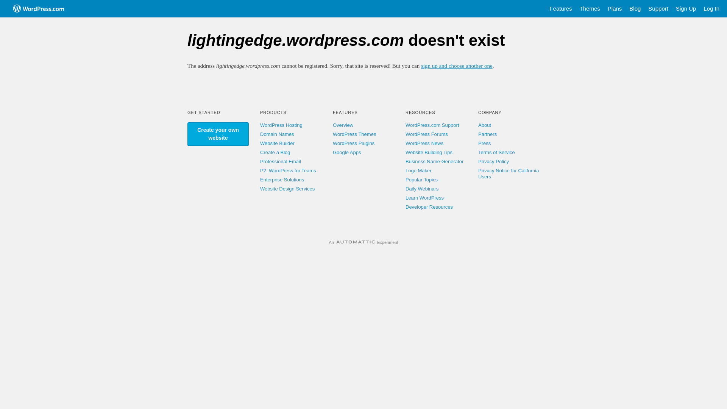 This screenshot has height=409, width=727. What do you see at coordinates (336, 242) in the screenshot?
I see `'Automattic'` at bounding box center [336, 242].